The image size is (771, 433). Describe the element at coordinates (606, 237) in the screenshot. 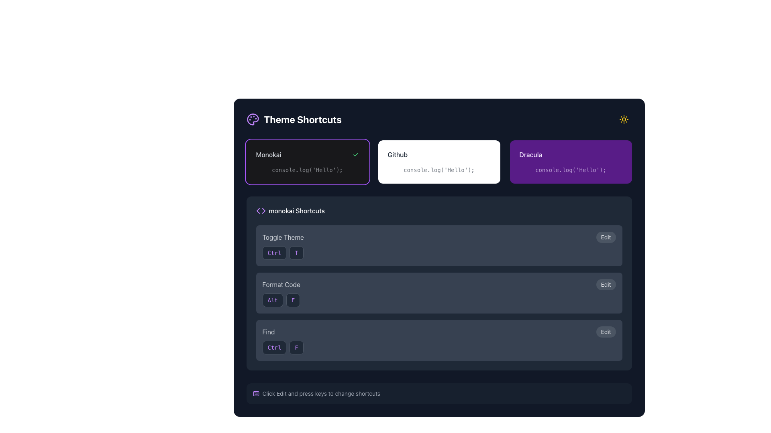

I see `the 'Edit' button, which is a small button with a gray background located to the right of the 'Toggle Theme' text` at that location.